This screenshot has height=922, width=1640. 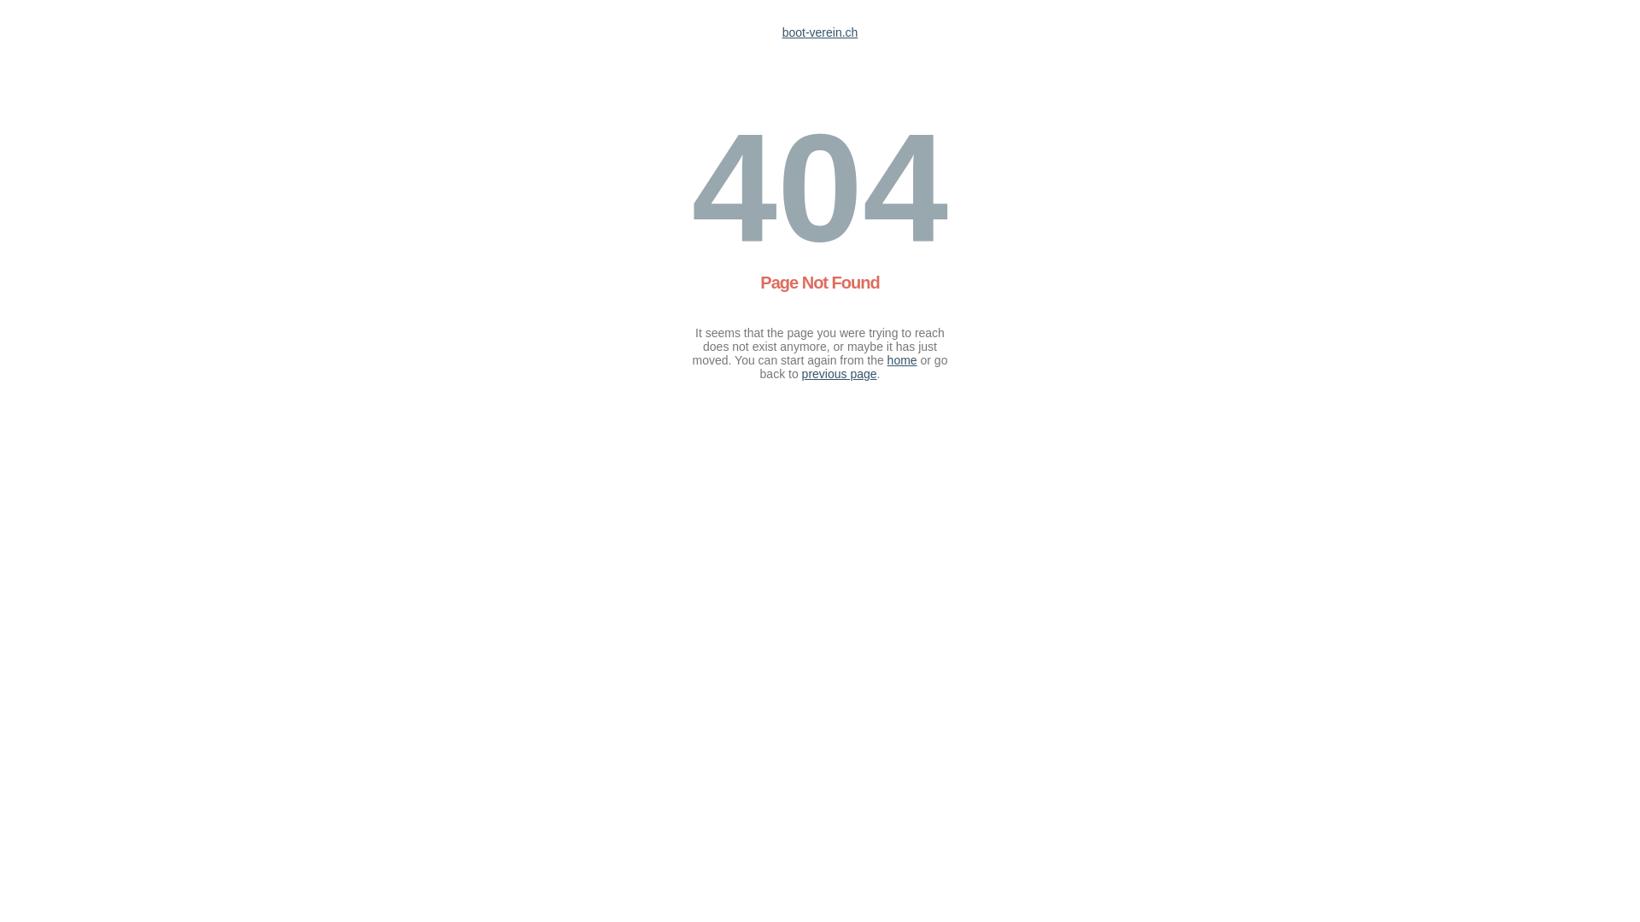 I want to click on 'home', so click(x=901, y=359).